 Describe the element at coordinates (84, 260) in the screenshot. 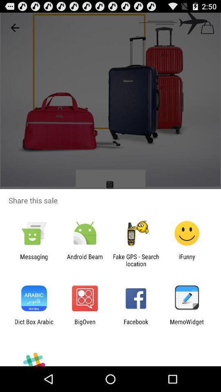

I see `the android beam app` at that location.